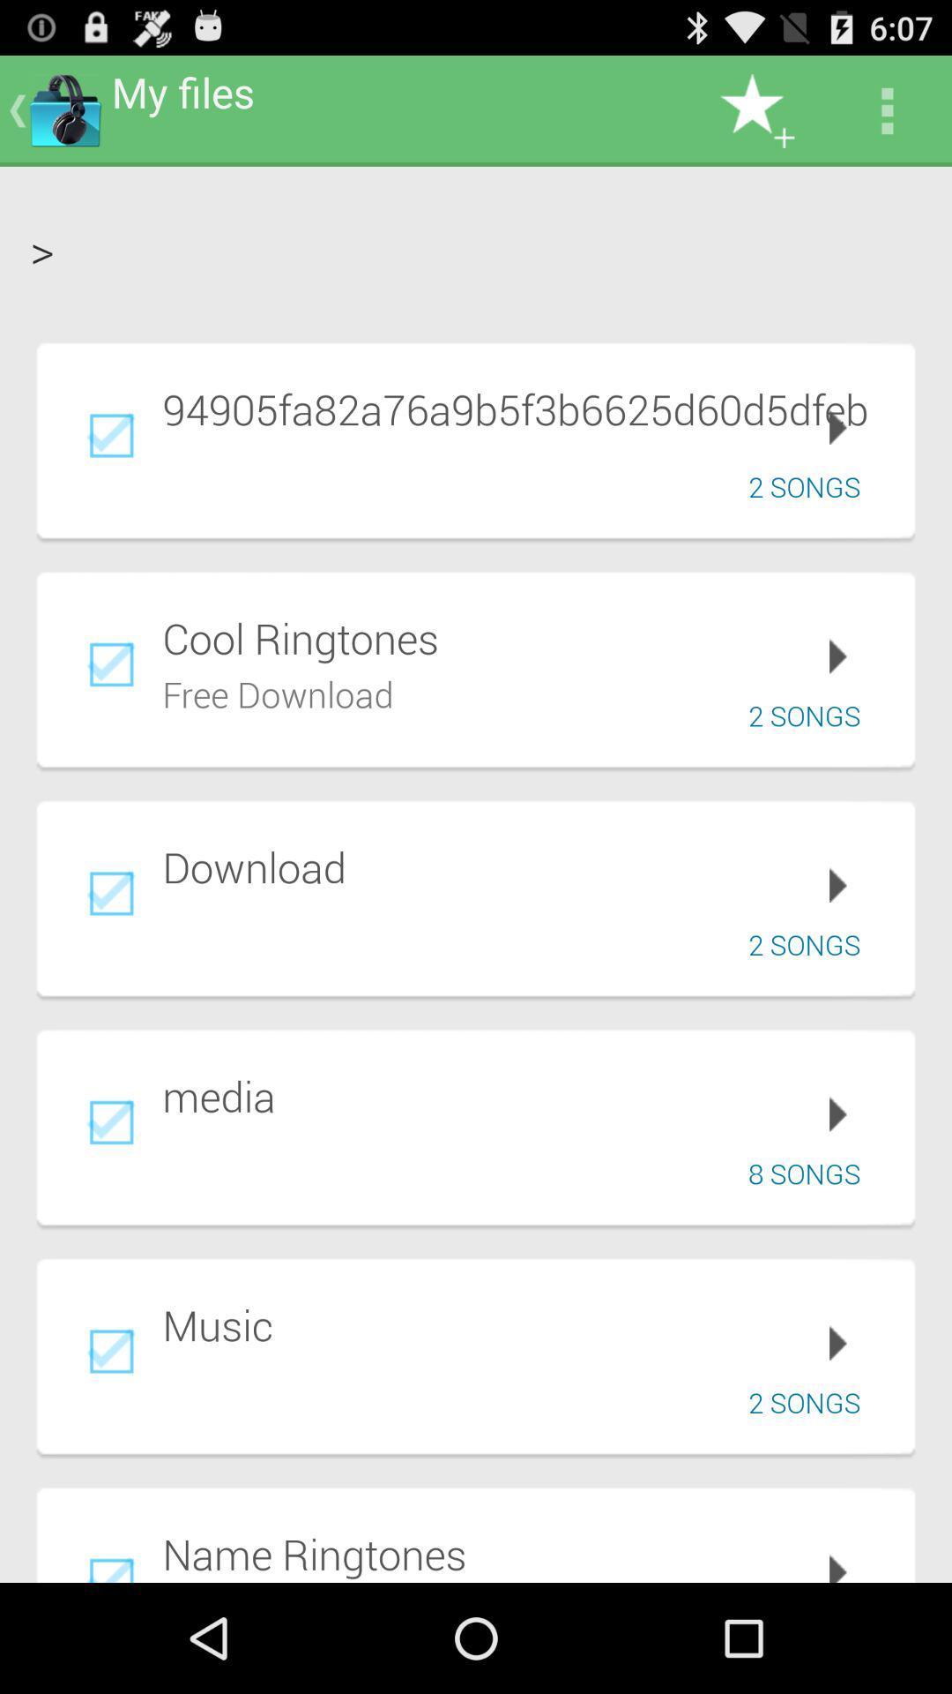 The image size is (952, 1694). Describe the element at coordinates (525, 1554) in the screenshot. I see `the icon below the 2 songs item` at that location.